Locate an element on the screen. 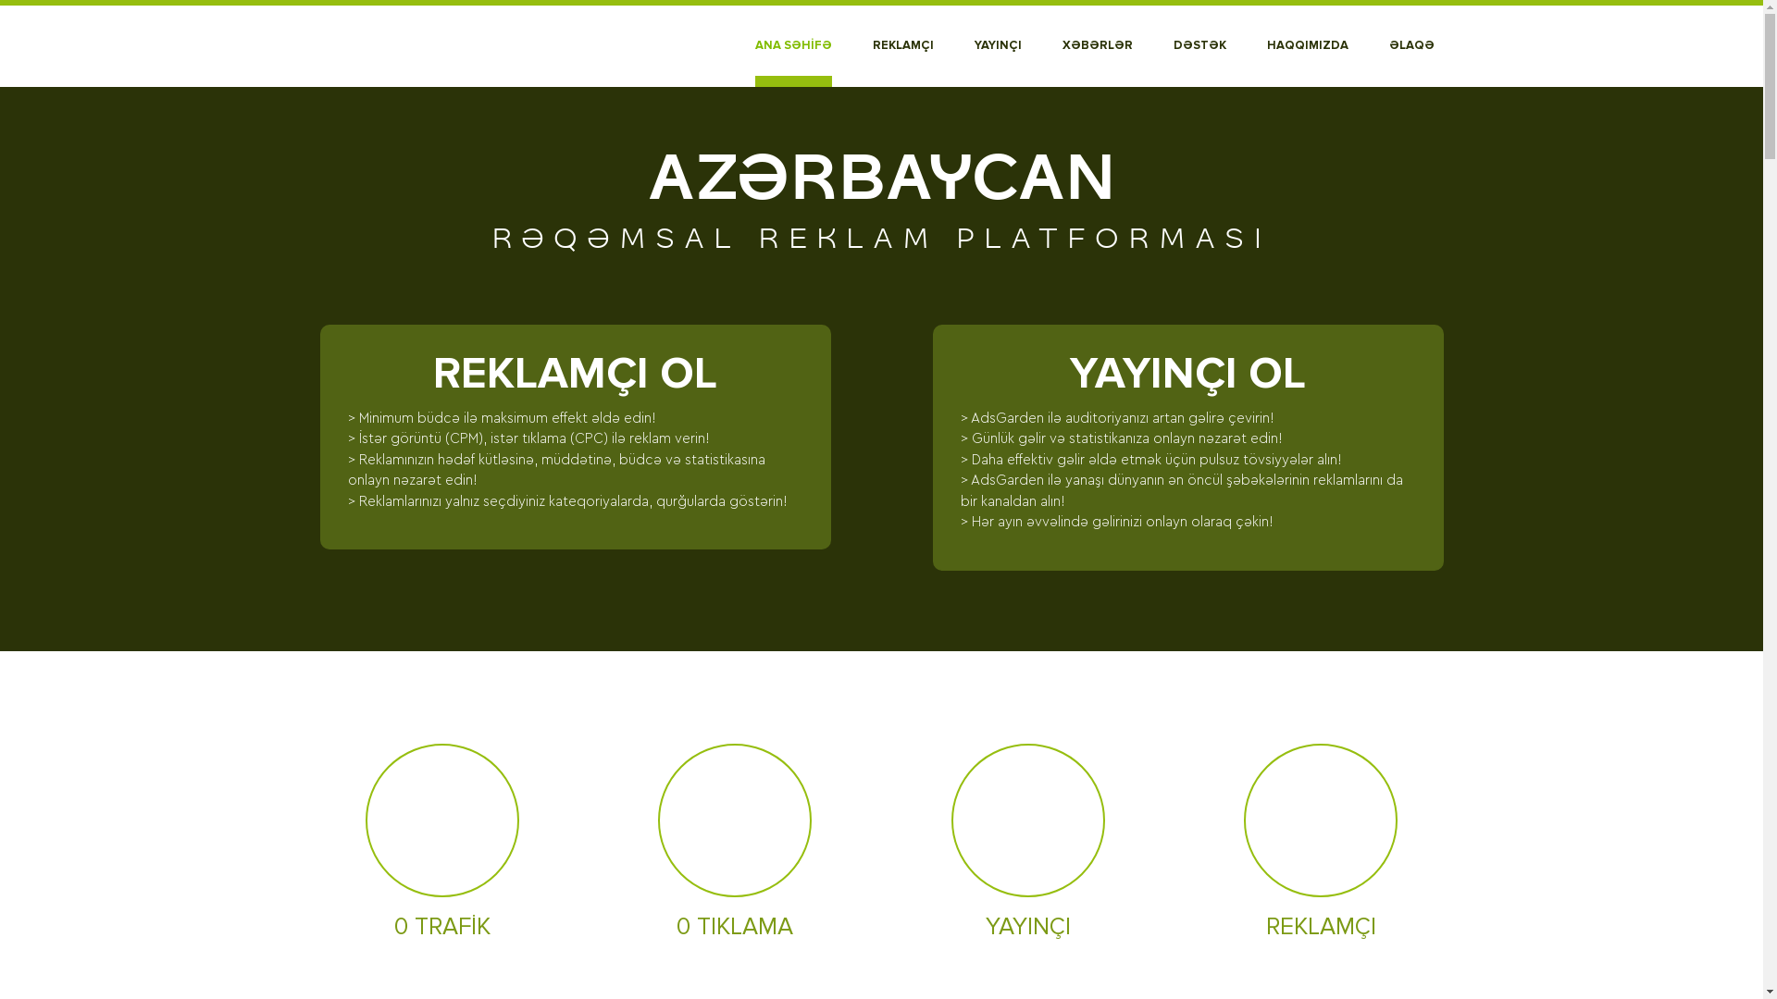 This screenshot has height=999, width=1777. 'HAQQIMIZDA' is located at coordinates (1305, 45).